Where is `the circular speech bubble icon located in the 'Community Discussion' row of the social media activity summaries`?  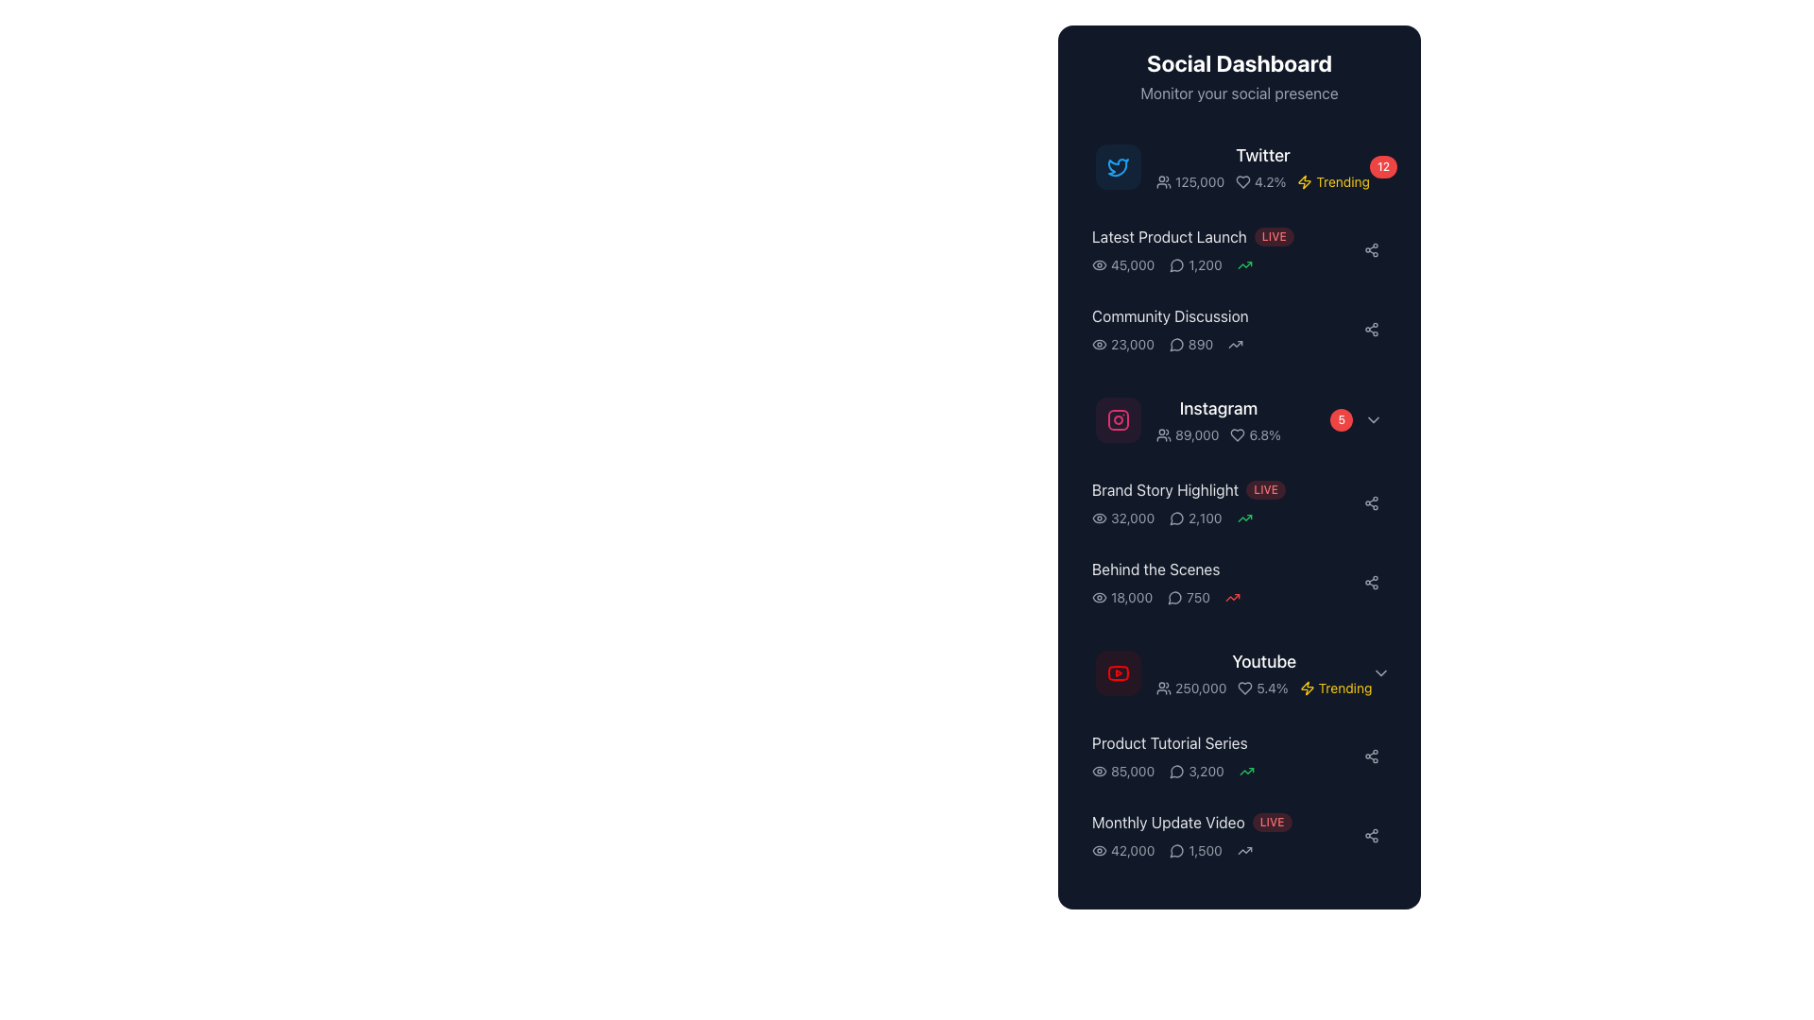
the circular speech bubble icon located in the 'Community Discussion' row of the social media activity summaries is located at coordinates (1175, 772).